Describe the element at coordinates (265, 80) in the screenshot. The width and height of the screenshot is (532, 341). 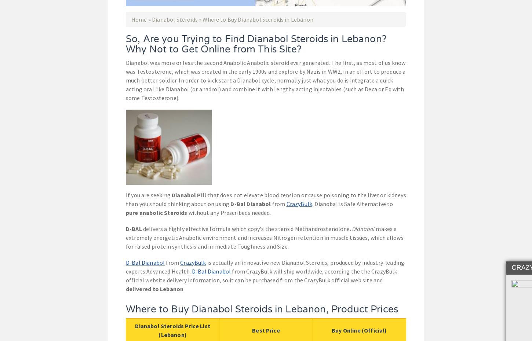
I see `'Dianabol was more or less the second Anabolic Anabolic steroid ever generated. The first, as most of us know was Testosterone, which was created in the early 1900s and explore by Nazis in WW2, in an effort to produce a much better soldier. In order to kick start a Dianabol cycle, normally just what you do is integrate a quick acting oral like Dianabol (or anadrol) and combine it with lengthy acting injectables (such as Deca or Eq with some Testosterone).'` at that location.